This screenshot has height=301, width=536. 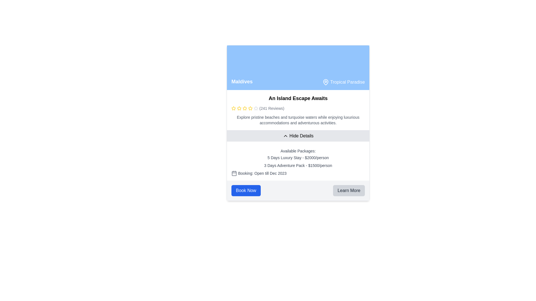 I want to click on the first star icon used for the rating system, located at the top of the card near the title 'An Island Escape Awaits', so click(x=239, y=108).